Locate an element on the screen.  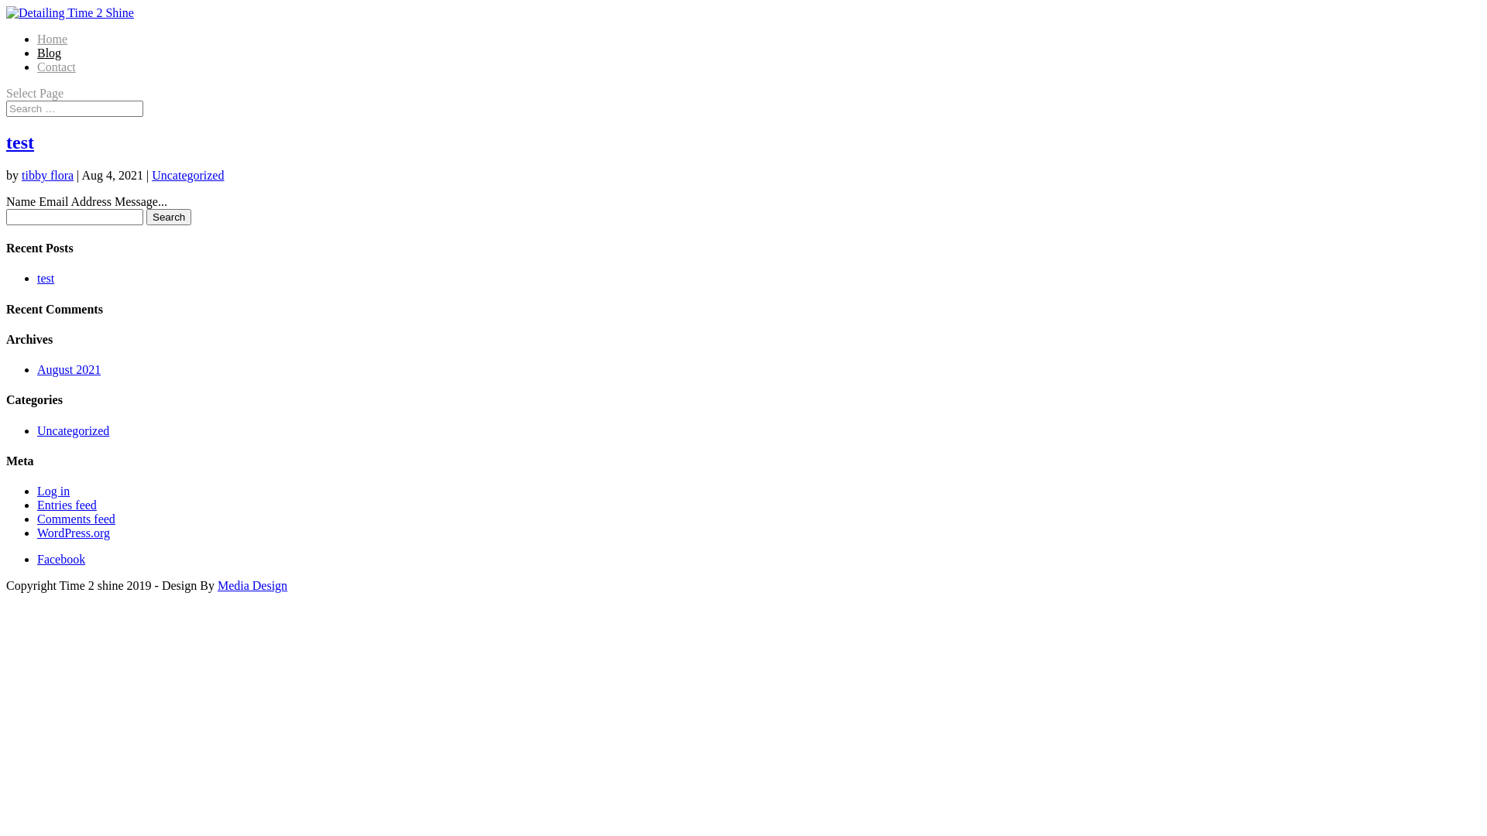
'Home' is located at coordinates (52, 38).